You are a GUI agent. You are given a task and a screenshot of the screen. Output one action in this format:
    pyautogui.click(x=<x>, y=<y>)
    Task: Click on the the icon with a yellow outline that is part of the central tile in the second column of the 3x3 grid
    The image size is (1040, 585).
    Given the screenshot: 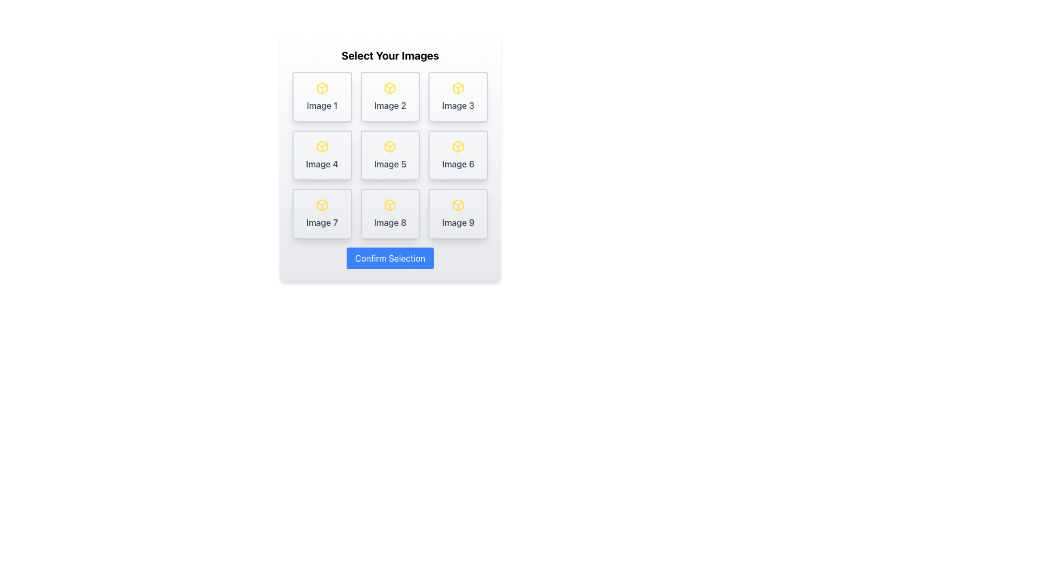 What is the action you would take?
    pyautogui.click(x=390, y=87)
    